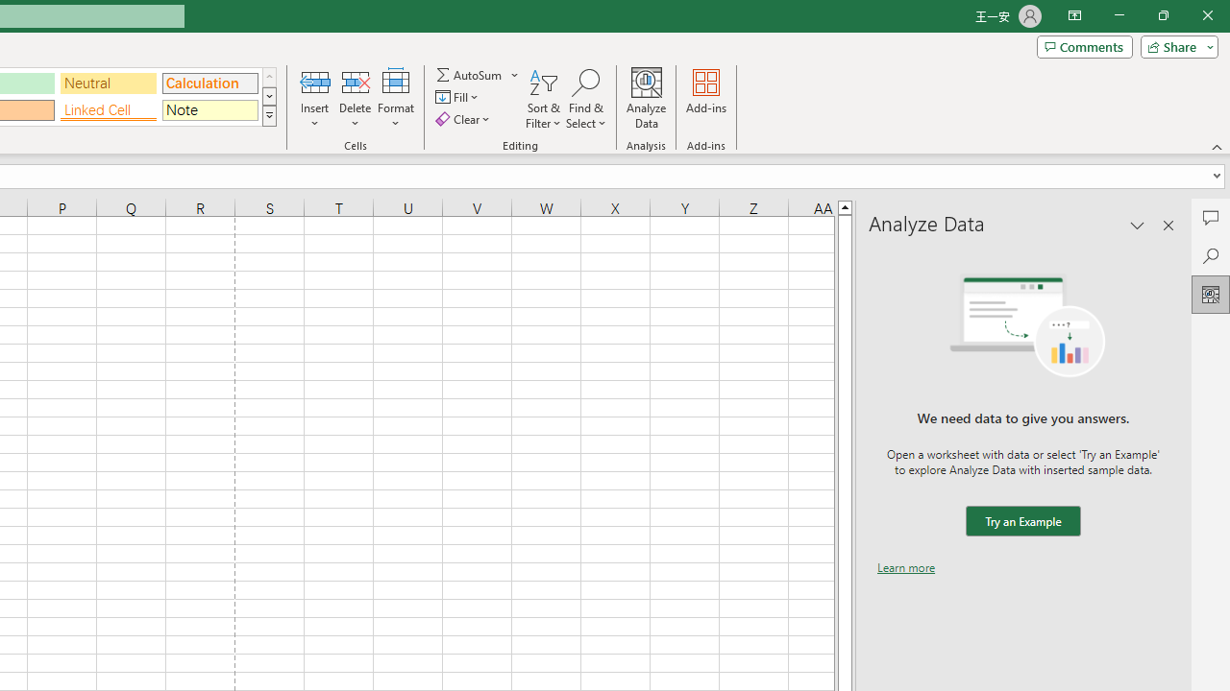 The width and height of the screenshot is (1230, 691). What do you see at coordinates (355, 81) in the screenshot?
I see `'Delete Cells...'` at bounding box center [355, 81].